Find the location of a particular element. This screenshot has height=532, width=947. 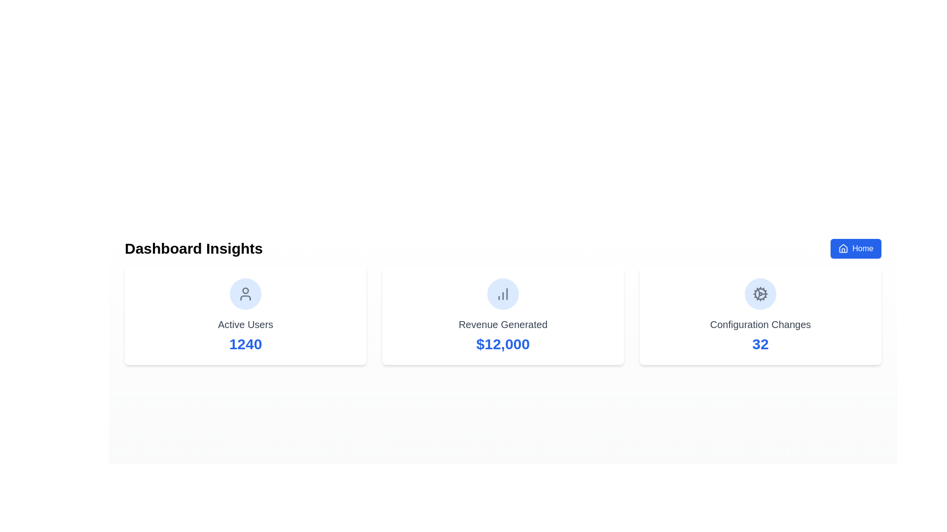

the Text label displaying '$12,000' in large, bold, blue font, located under the 'Revenue Generated' heading in a card layout is located at coordinates (503, 343).